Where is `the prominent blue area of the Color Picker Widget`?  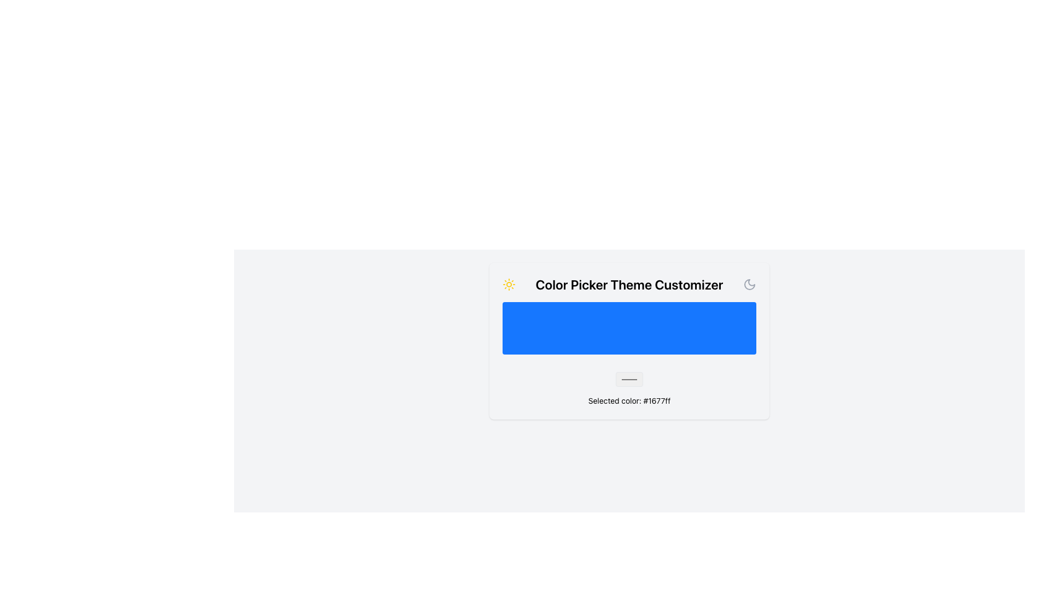
the prominent blue area of the Color Picker Widget is located at coordinates (629, 340).